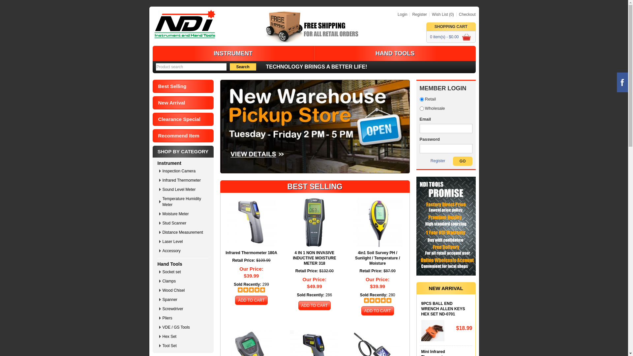 The image size is (633, 356). What do you see at coordinates (162, 327) in the screenshot?
I see `'VDE / GS Tools'` at bounding box center [162, 327].